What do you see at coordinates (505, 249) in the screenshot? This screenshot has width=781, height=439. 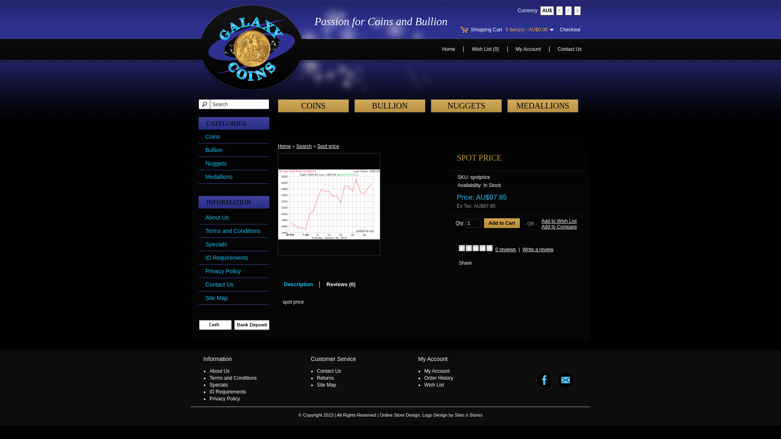 I see `'0 reviews'` at bounding box center [505, 249].